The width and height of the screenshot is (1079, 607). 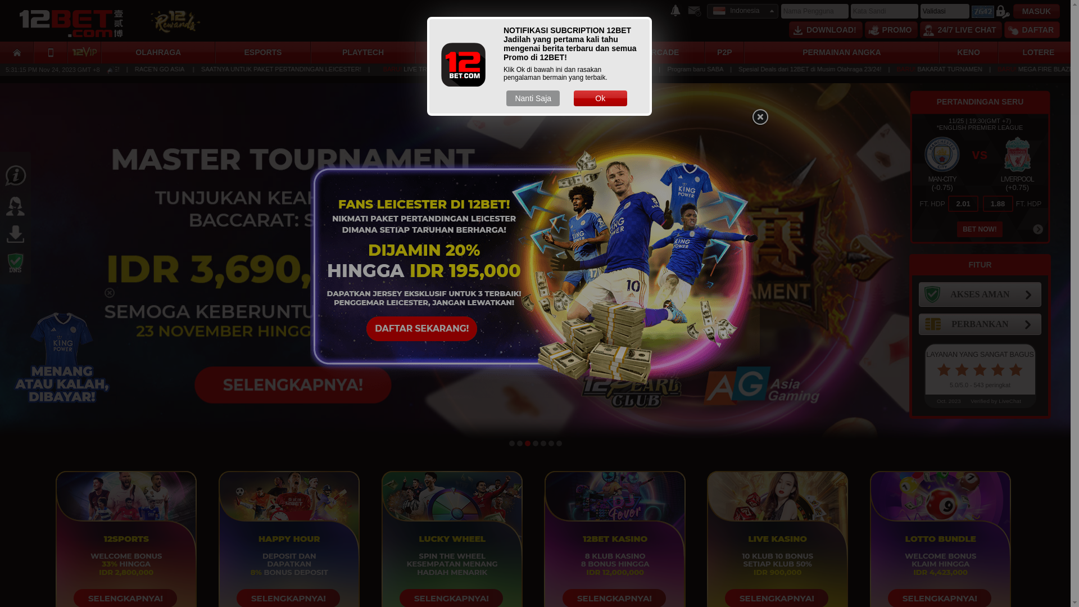 I want to click on 'PROMO', so click(x=891, y=29).